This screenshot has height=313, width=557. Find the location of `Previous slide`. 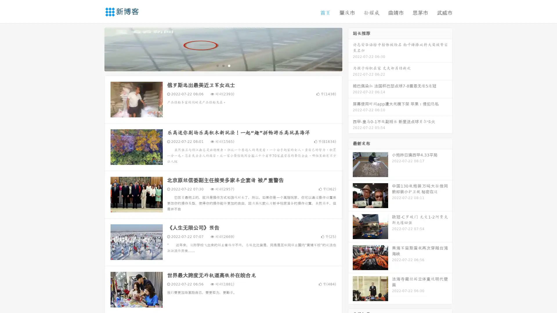

Previous slide is located at coordinates (96, 49).